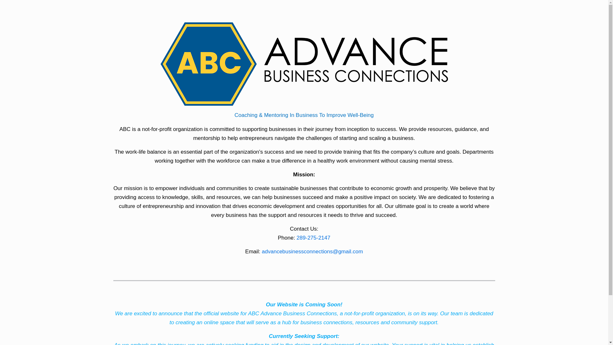 Image resolution: width=613 pixels, height=345 pixels. I want to click on 'advancebusinessconnections@gmail.com', so click(312, 251).